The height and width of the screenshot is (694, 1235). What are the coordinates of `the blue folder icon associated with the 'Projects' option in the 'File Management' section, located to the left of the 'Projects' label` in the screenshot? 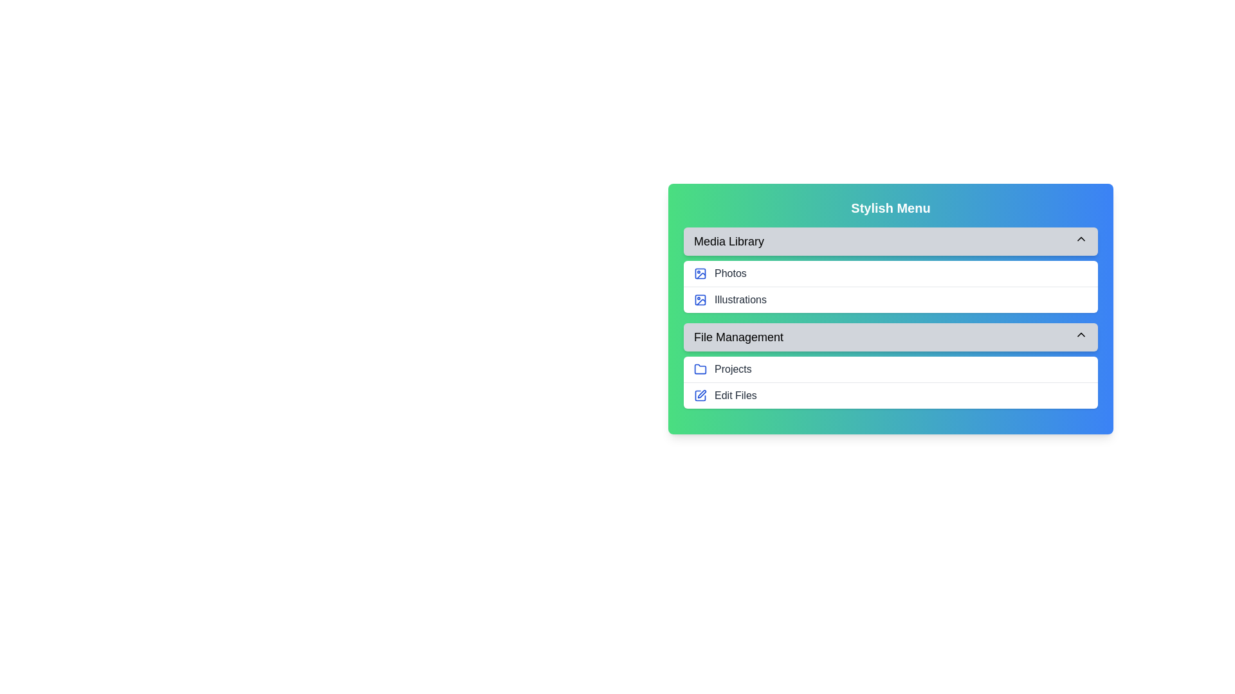 It's located at (700, 369).